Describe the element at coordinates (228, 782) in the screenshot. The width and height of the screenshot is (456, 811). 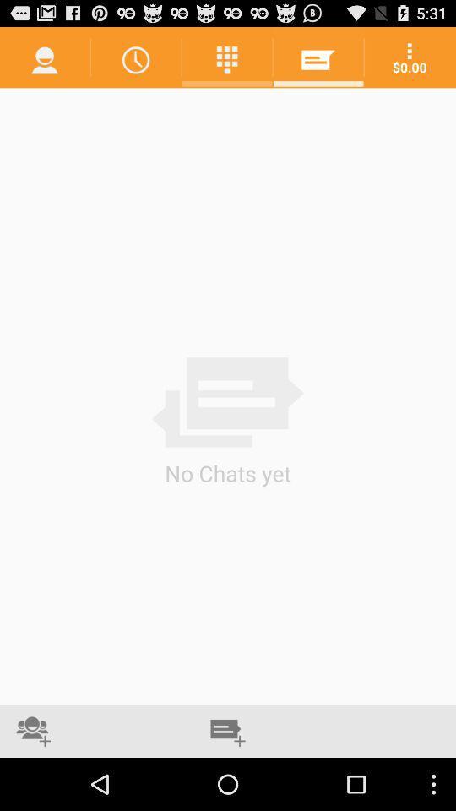
I see `the chat icon` at that location.